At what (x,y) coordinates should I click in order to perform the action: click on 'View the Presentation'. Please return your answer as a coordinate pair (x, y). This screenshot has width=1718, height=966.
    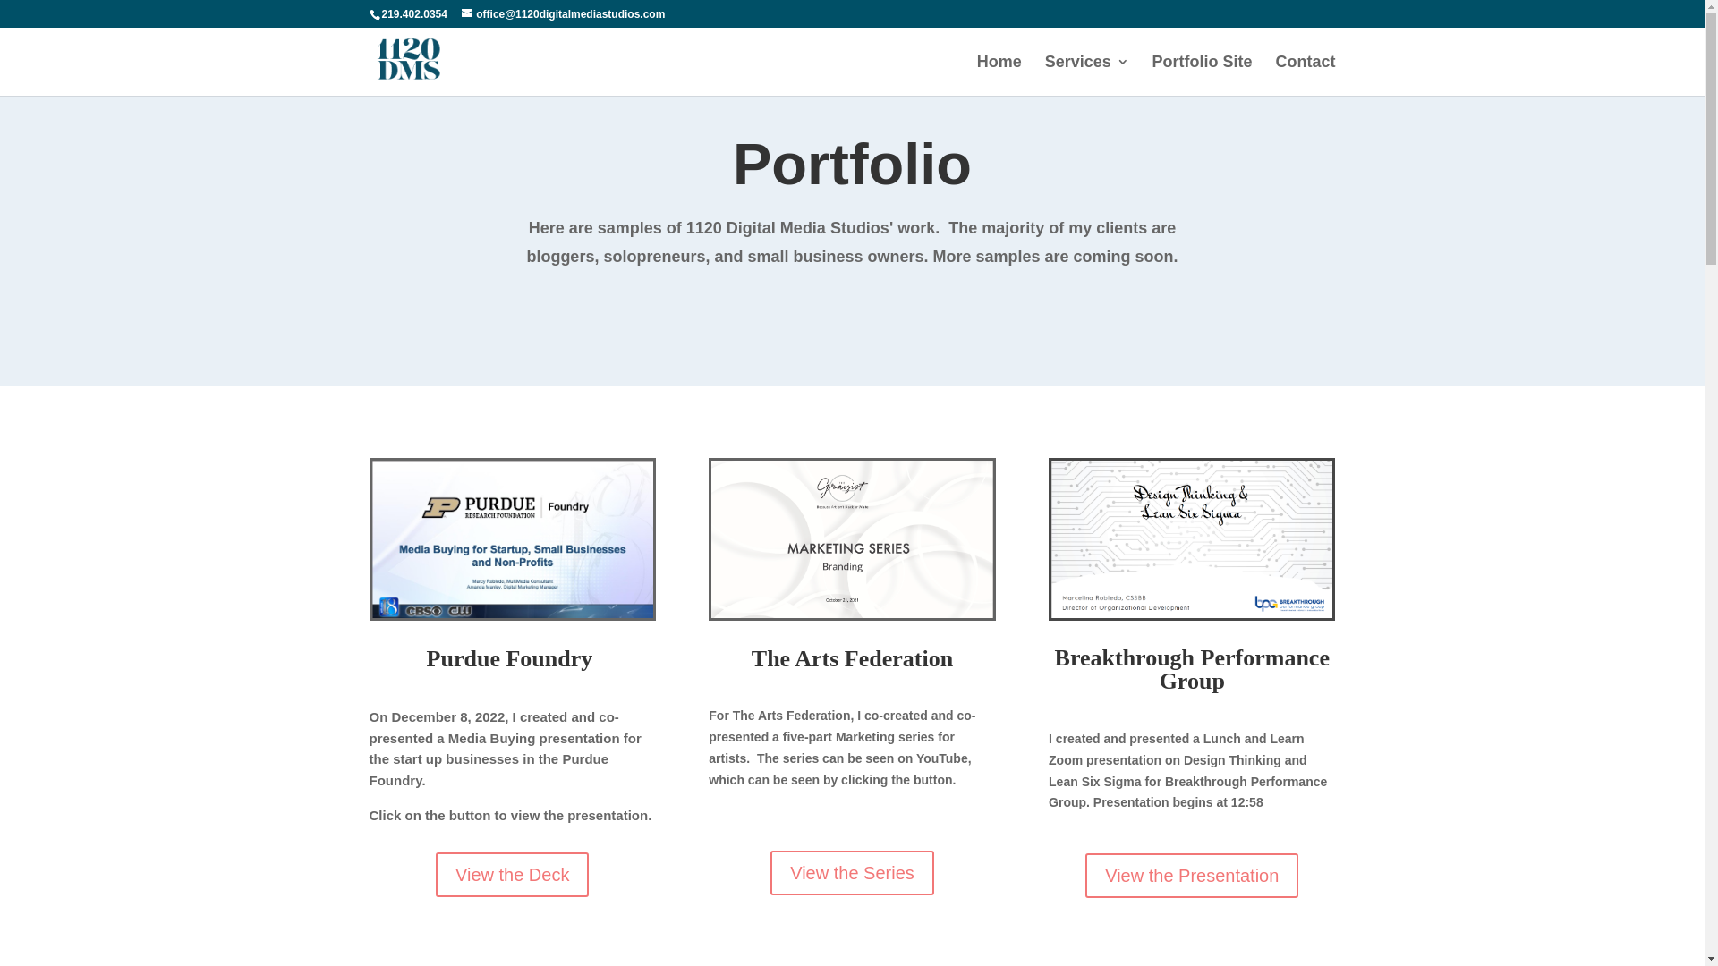
    Looking at the image, I should click on (1084, 875).